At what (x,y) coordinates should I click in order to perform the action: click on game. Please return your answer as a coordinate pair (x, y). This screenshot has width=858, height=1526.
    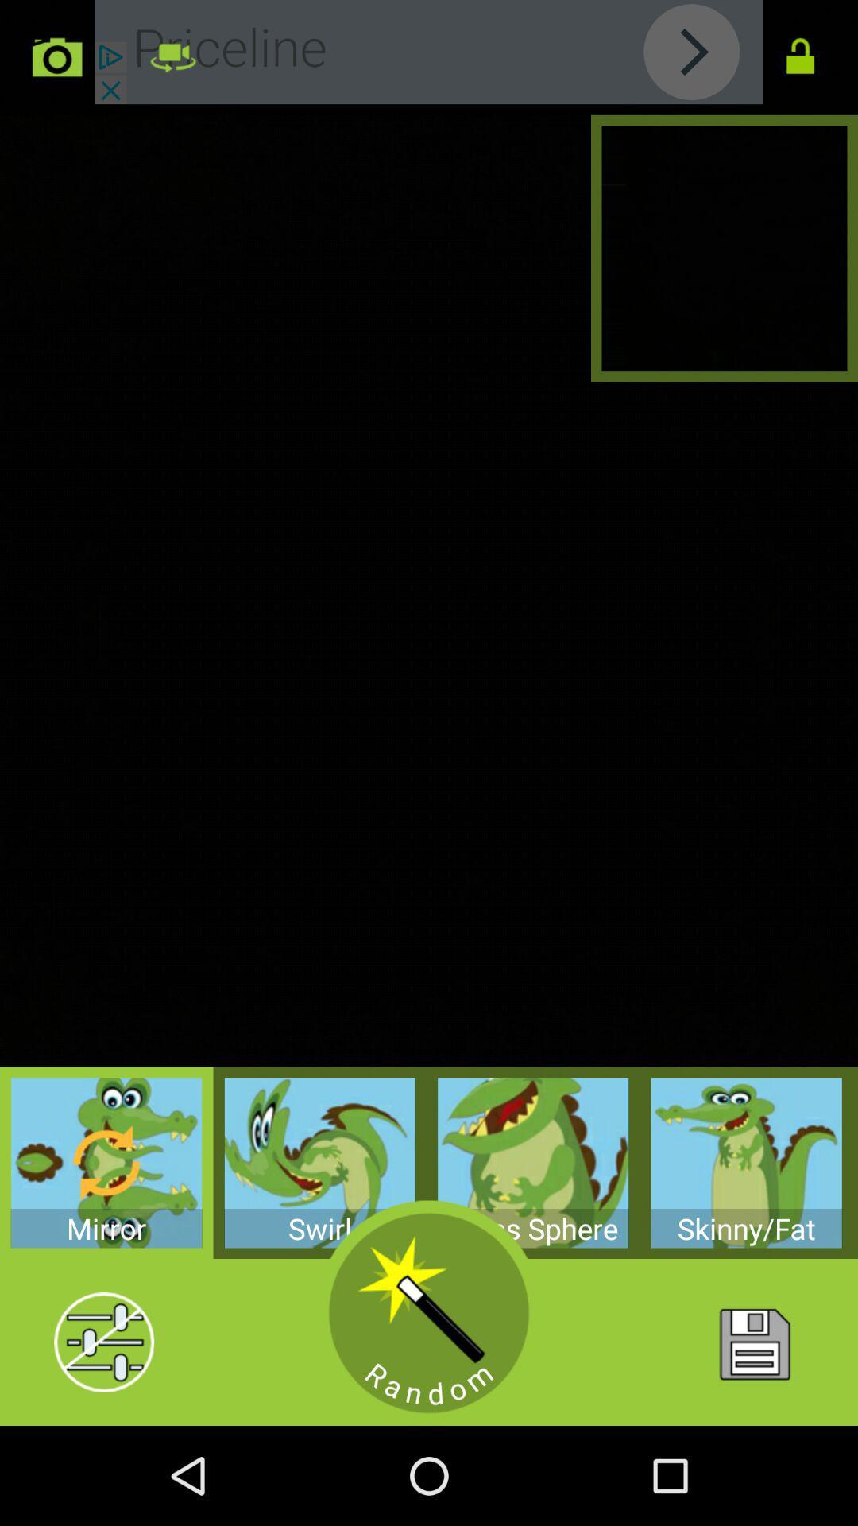
    Looking at the image, I should click on (429, 1313).